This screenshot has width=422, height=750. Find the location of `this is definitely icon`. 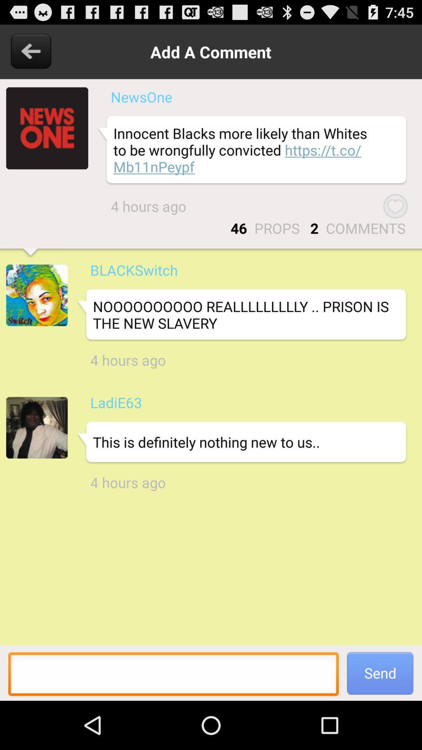

this is definitely icon is located at coordinates (241, 442).